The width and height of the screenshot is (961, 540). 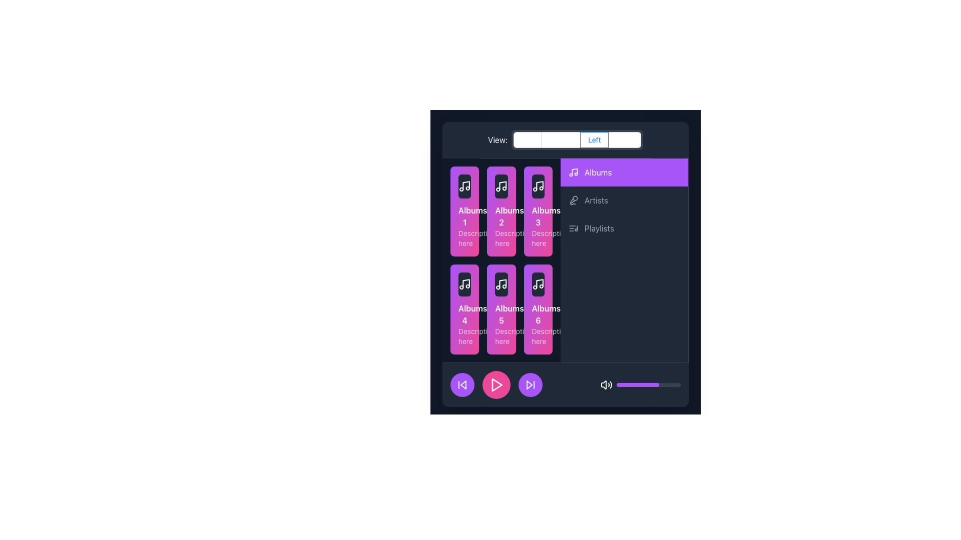 I want to click on the 'Skip Back' icon located at the bottom left corner of the media control interface, which is inside a purple circular button, to initiate the skip action, so click(x=462, y=384).